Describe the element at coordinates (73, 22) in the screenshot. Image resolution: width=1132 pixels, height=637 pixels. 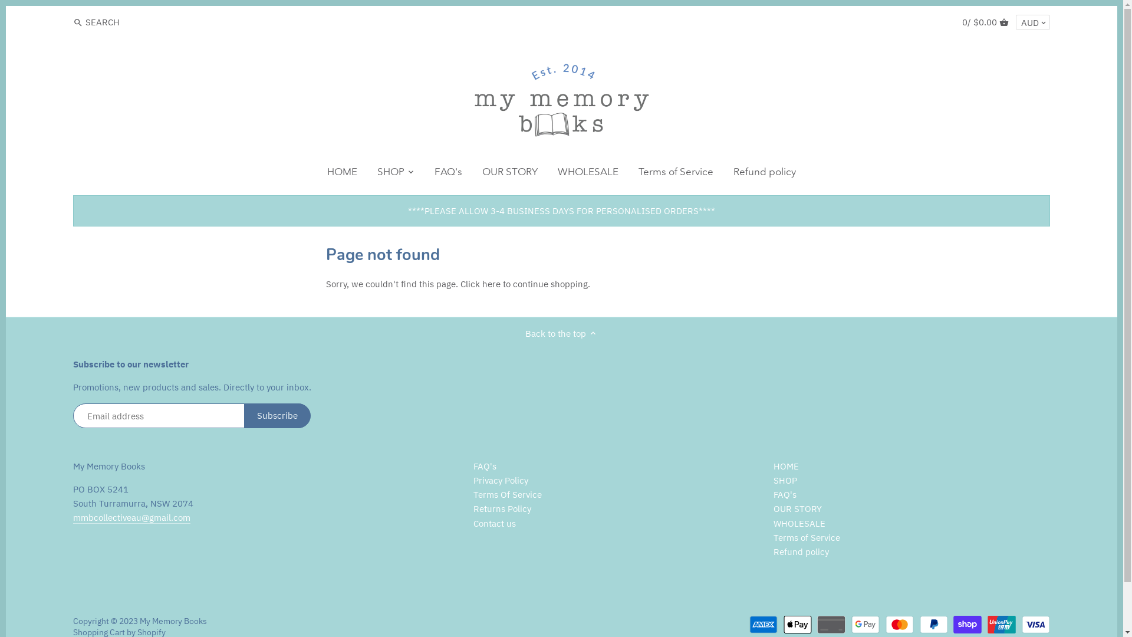
I see `'Search'` at that location.